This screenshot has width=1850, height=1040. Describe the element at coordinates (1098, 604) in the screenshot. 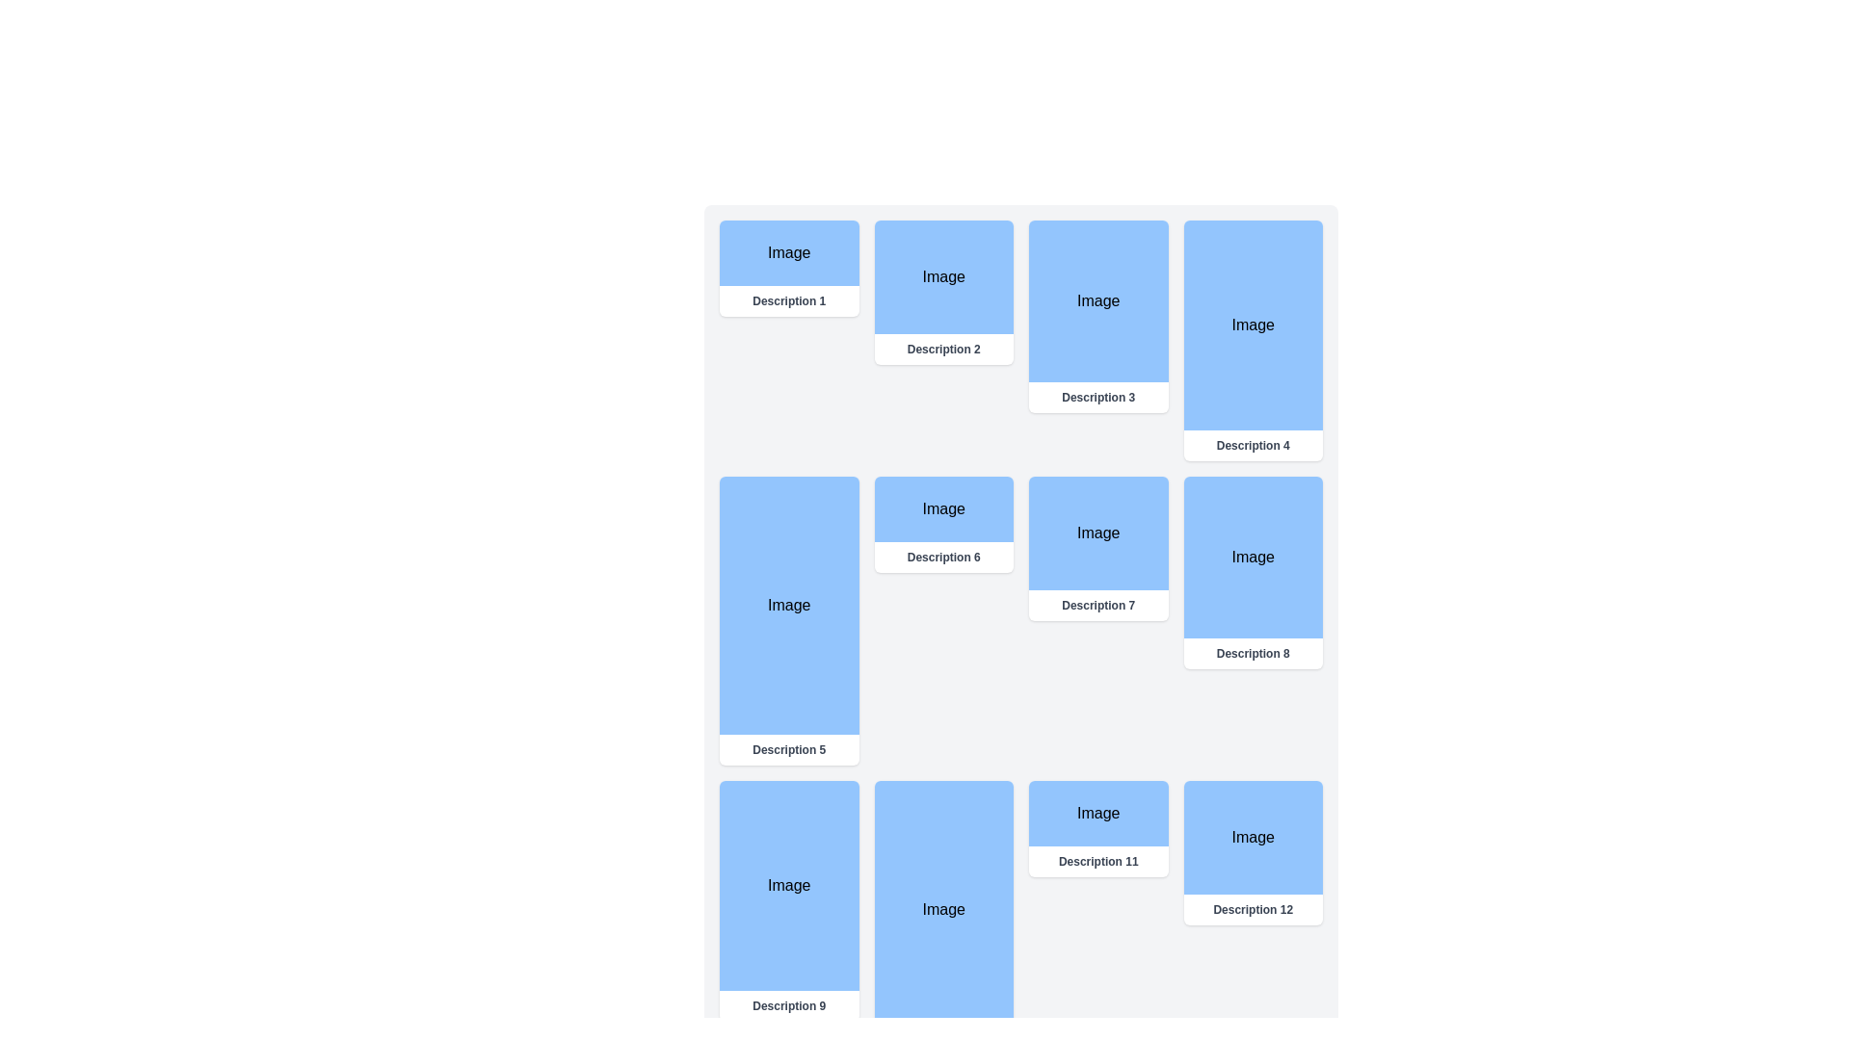

I see `text content of the label located below the 'Image' in the central region of the interface, specifically in the third column of a grid layout` at that location.